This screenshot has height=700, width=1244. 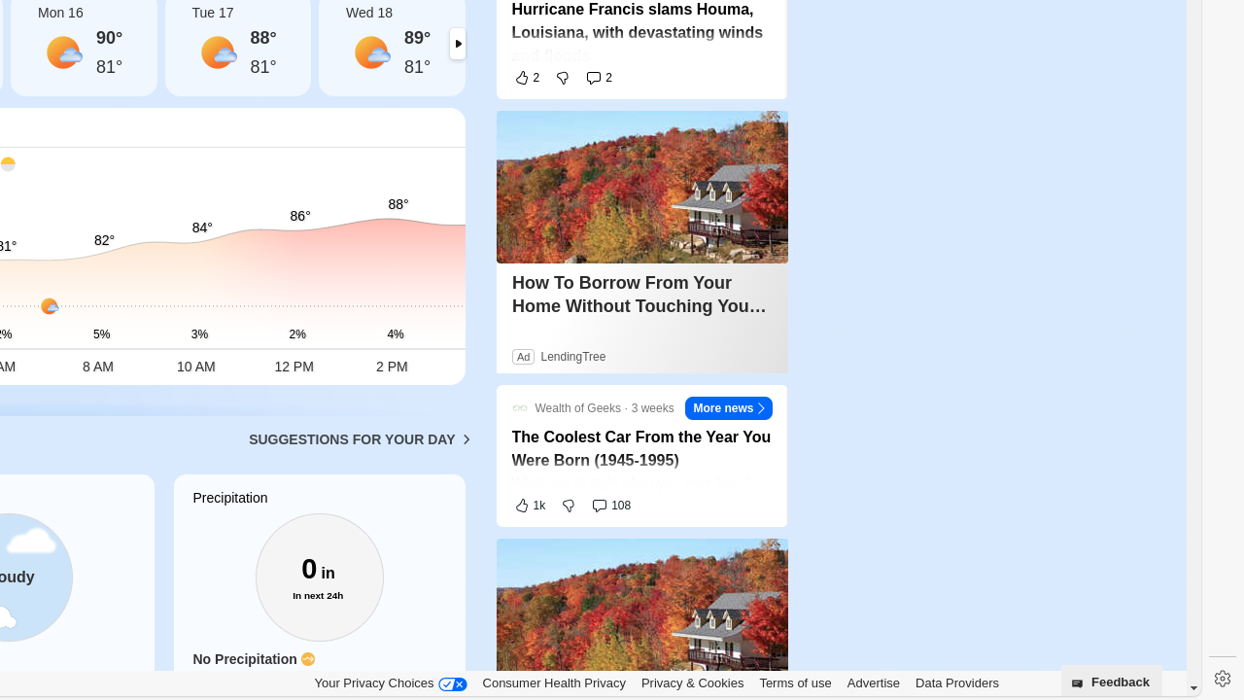 What do you see at coordinates (598, 76) in the screenshot?
I see `'See 2 comments'` at bounding box center [598, 76].